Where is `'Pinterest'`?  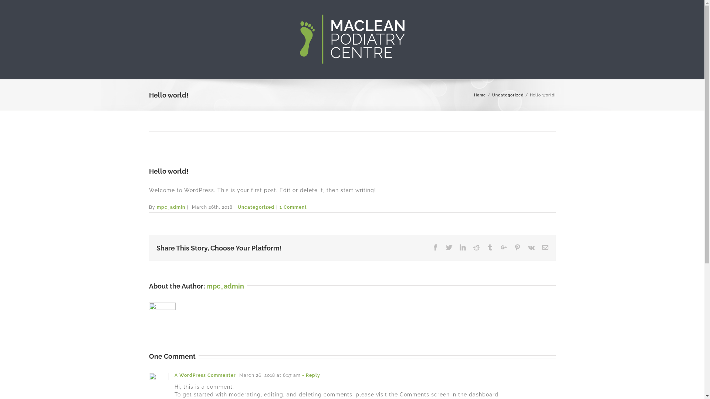
'Pinterest' is located at coordinates (517, 248).